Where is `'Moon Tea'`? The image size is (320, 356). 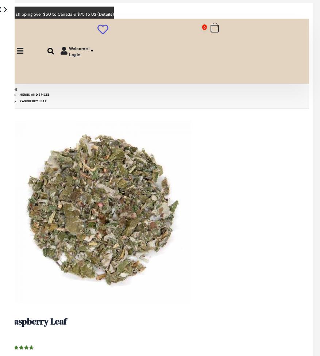
'Moon Tea' is located at coordinates (171, 123).